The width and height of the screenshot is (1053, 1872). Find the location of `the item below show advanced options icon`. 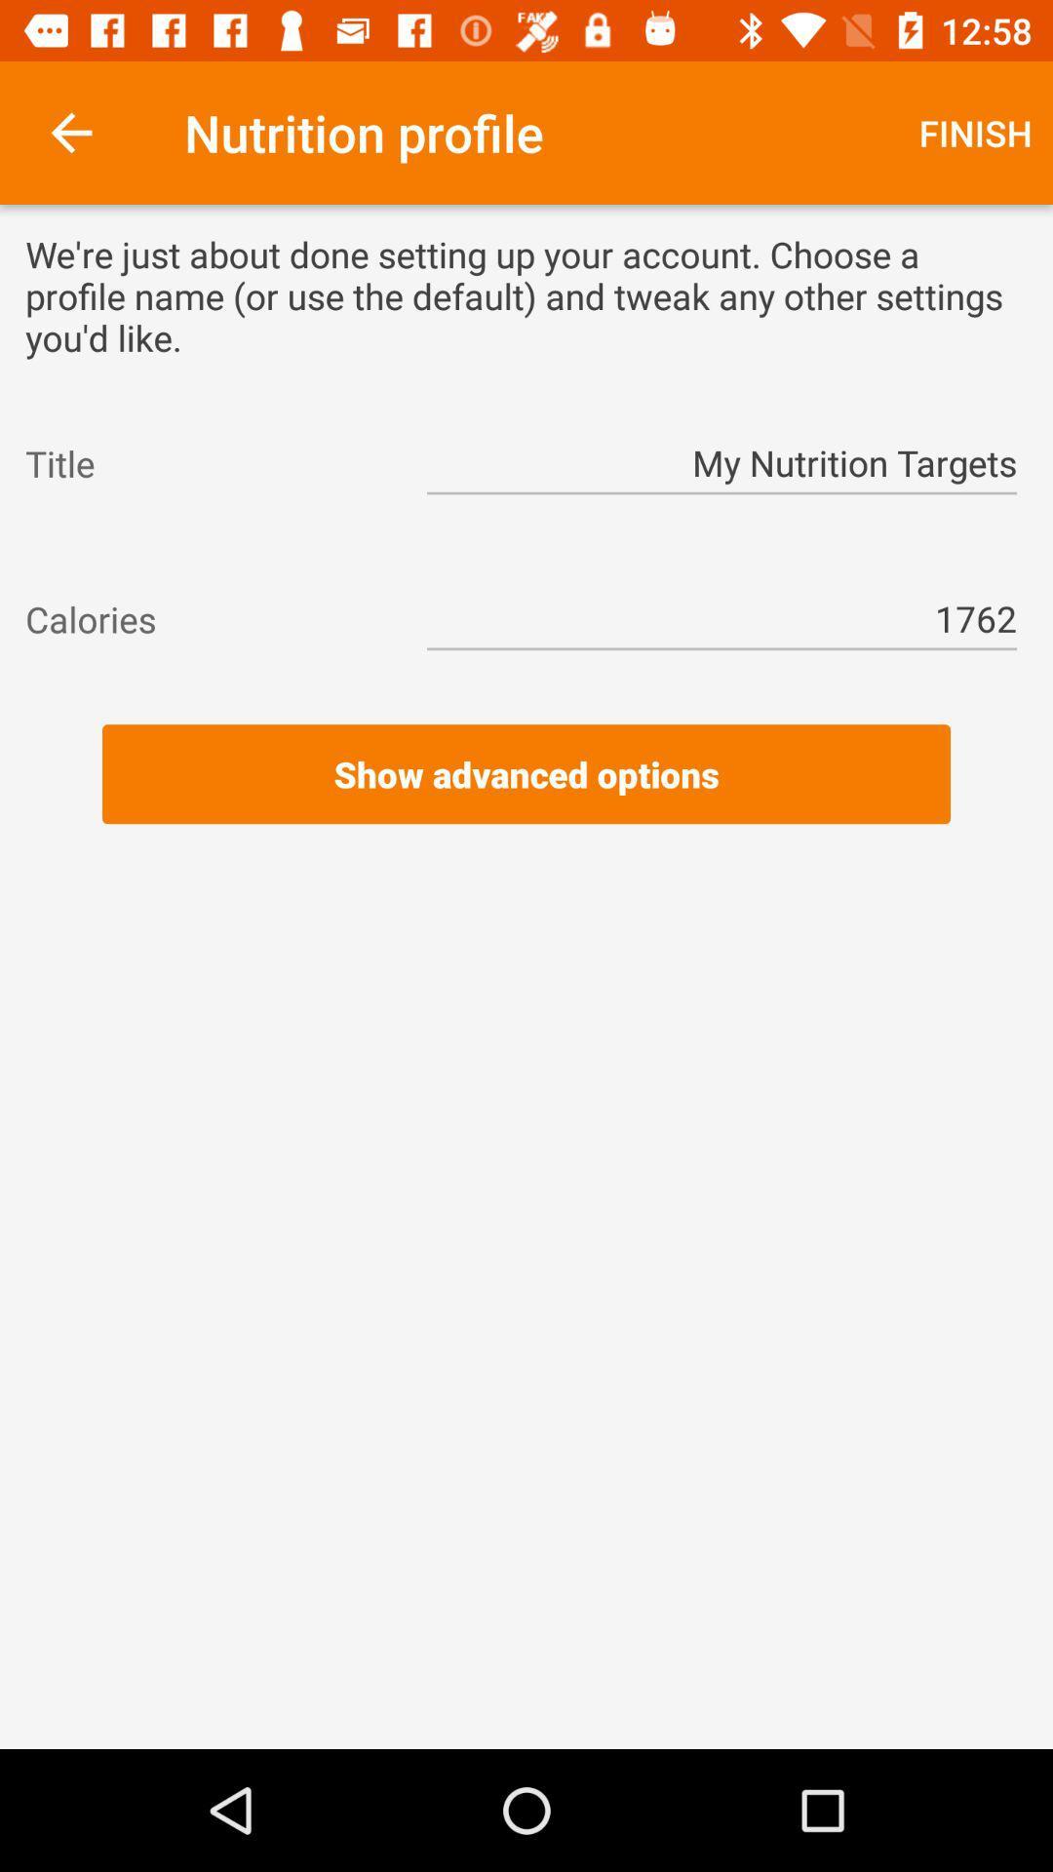

the item below show advanced options icon is located at coordinates (526, 851).